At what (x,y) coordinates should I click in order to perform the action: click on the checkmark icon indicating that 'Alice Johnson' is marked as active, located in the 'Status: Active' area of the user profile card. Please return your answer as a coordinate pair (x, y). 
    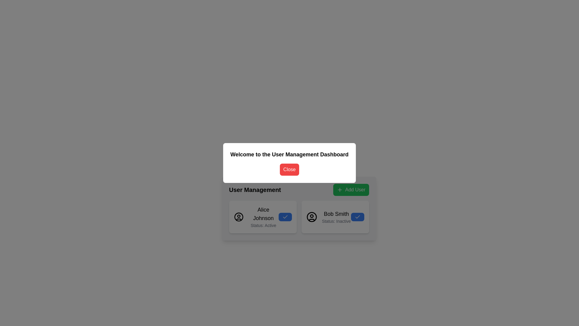
    Looking at the image, I should click on (357, 216).